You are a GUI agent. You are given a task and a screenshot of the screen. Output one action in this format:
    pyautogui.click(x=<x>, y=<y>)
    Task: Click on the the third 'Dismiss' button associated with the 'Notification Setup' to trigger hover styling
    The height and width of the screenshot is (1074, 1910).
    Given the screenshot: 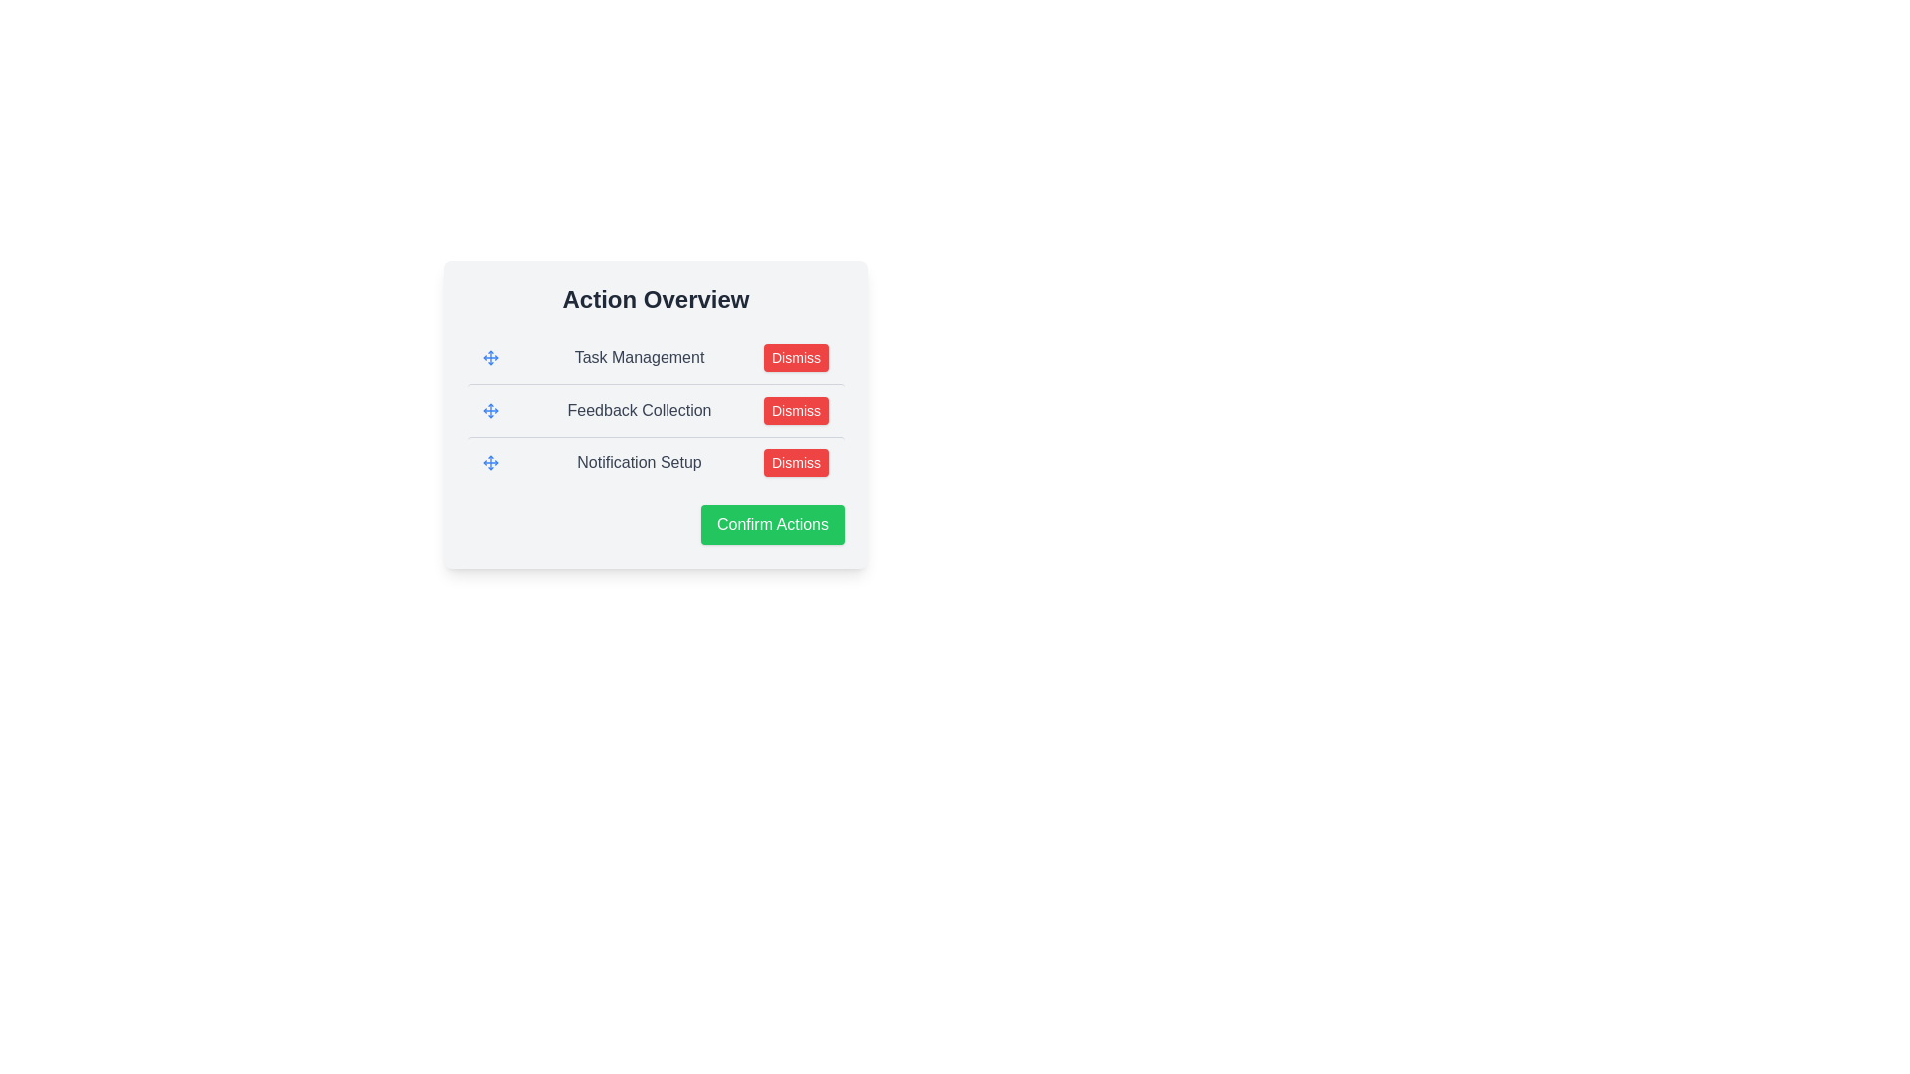 What is the action you would take?
    pyautogui.click(x=796, y=463)
    